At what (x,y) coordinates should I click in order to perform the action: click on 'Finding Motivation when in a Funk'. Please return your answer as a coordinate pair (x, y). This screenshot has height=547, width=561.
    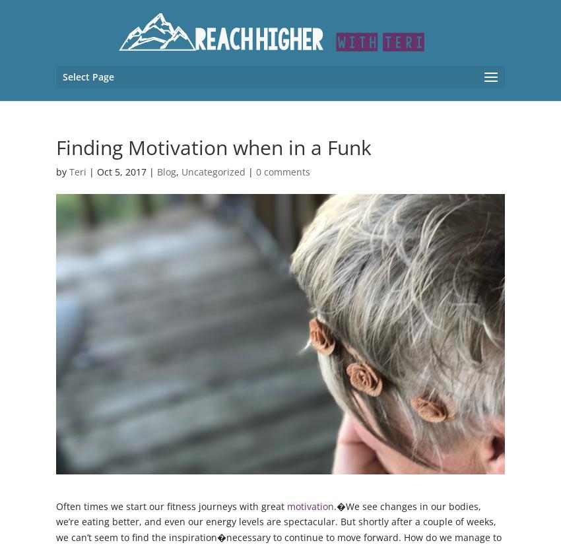
    Looking at the image, I should click on (214, 146).